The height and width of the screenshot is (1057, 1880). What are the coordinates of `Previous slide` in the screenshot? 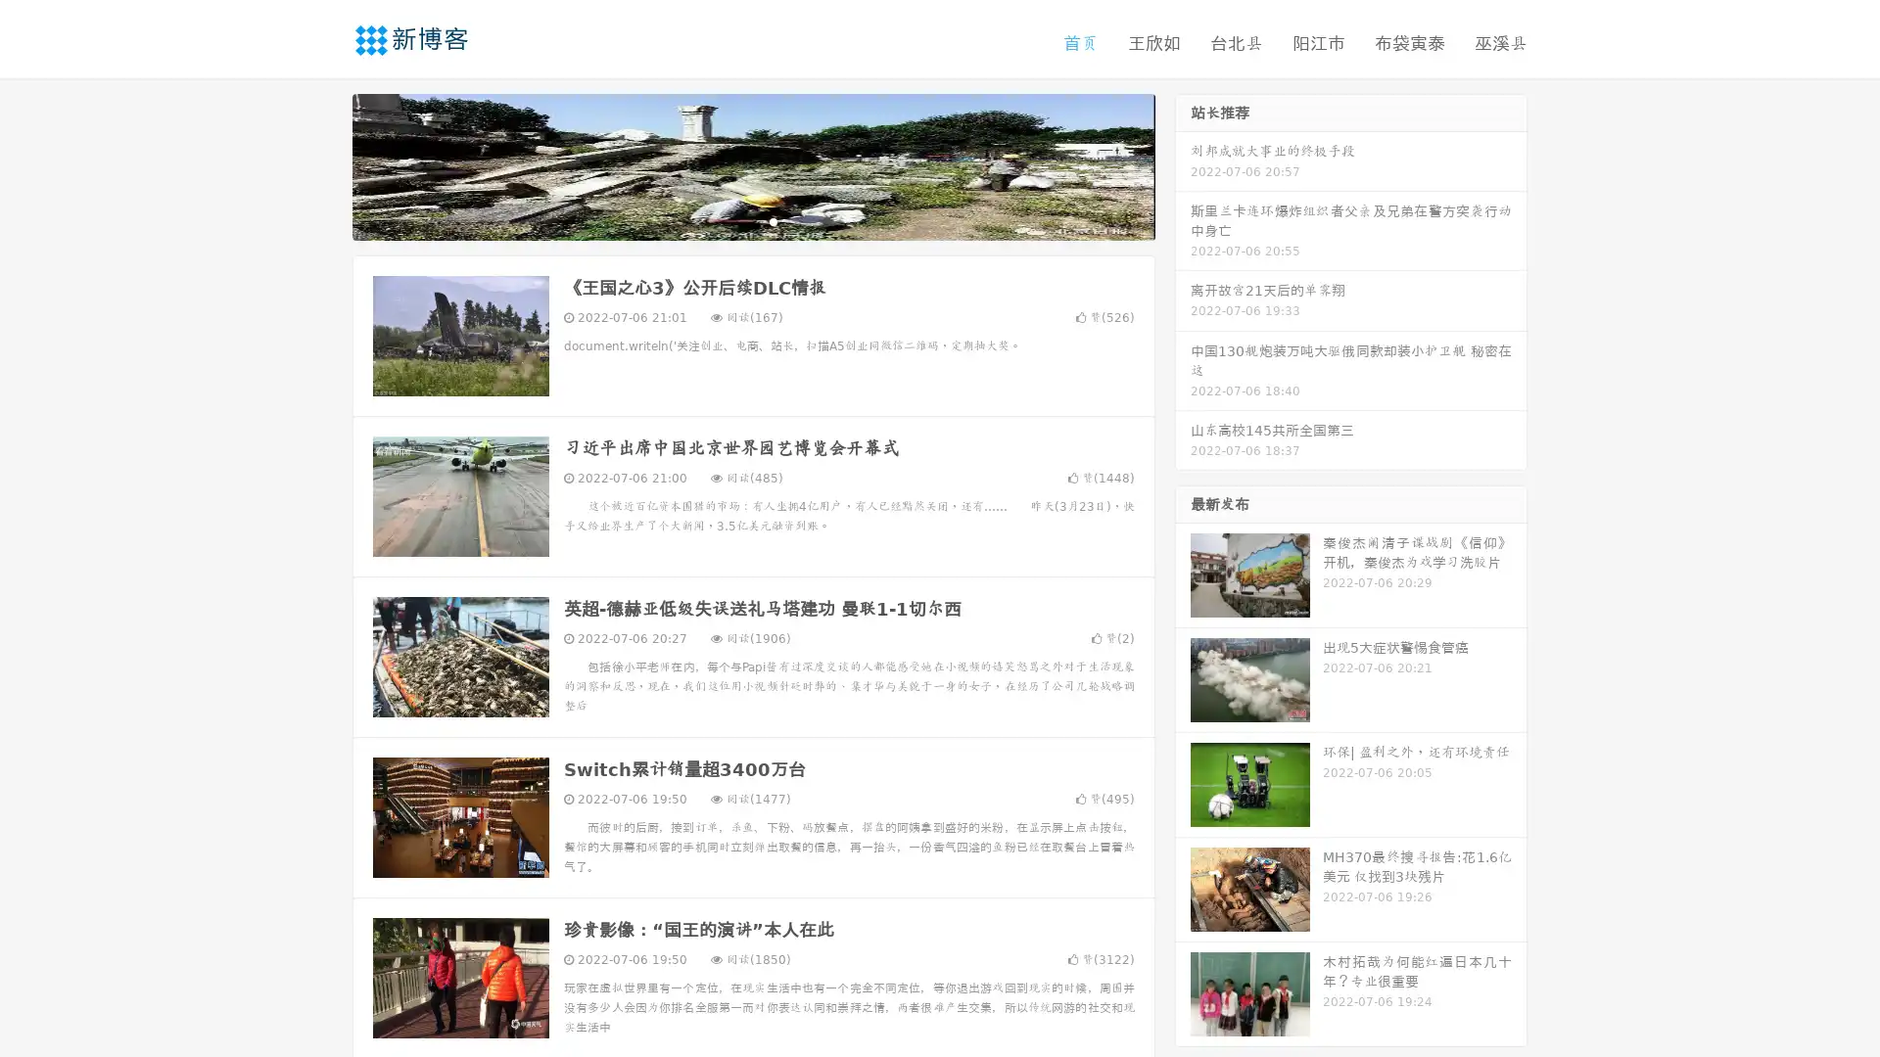 It's located at (323, 164).